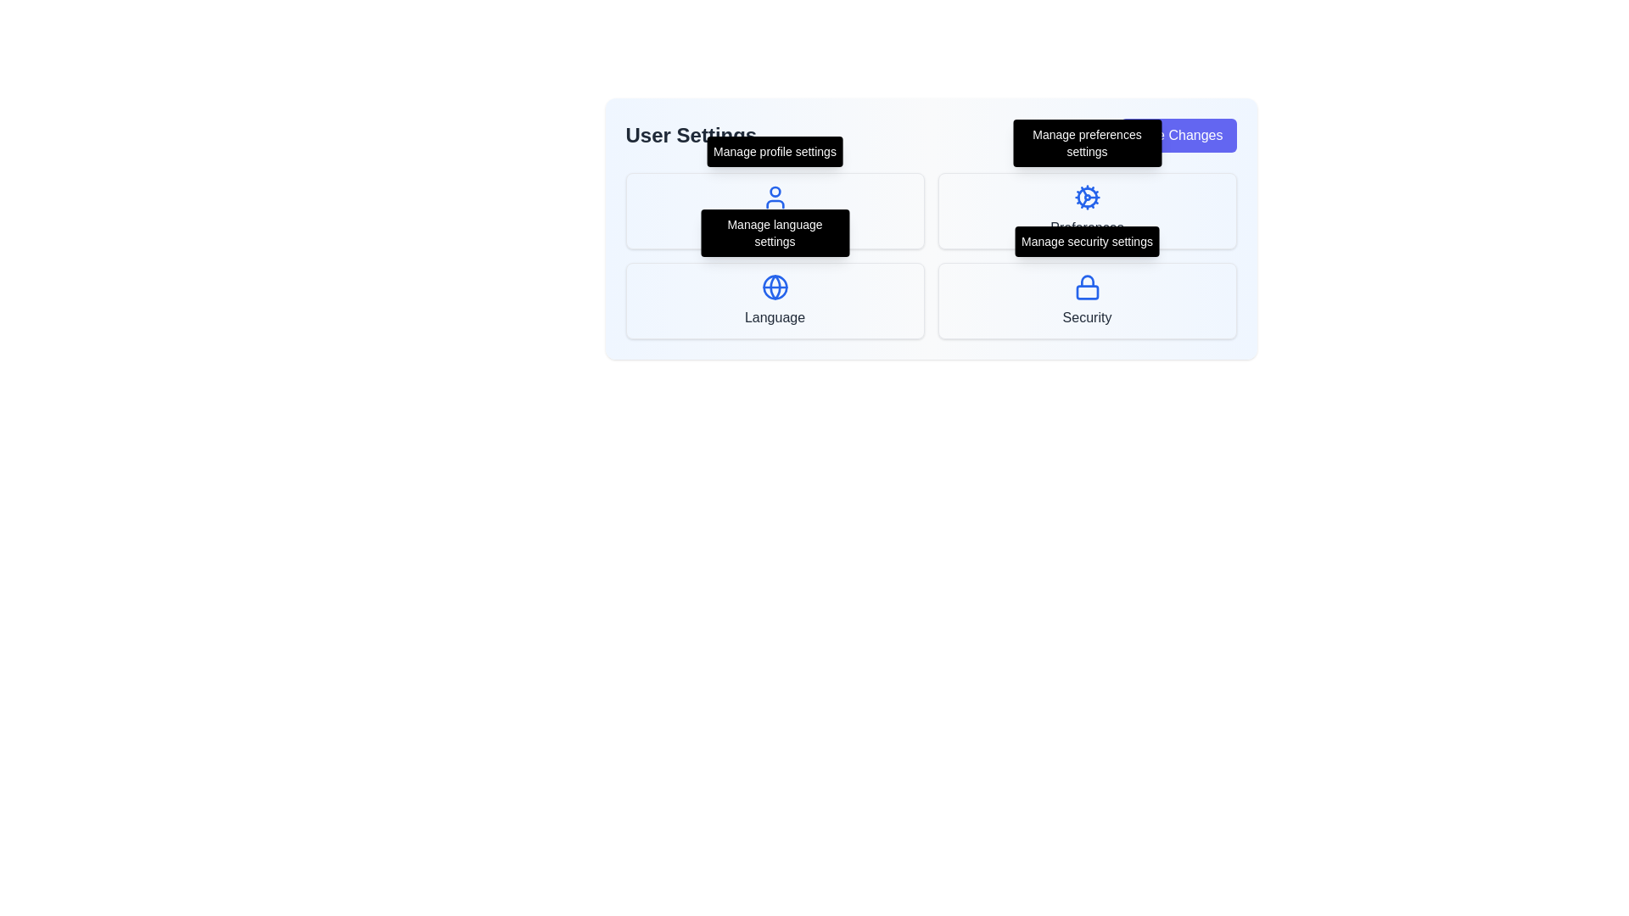  What do you see at coordinates (774, 210) in the screenshot?
I see `the 'Profile' button with tooltip, which is a rectangular card with a blue user icon at the top` at bounding box center [774, 210].